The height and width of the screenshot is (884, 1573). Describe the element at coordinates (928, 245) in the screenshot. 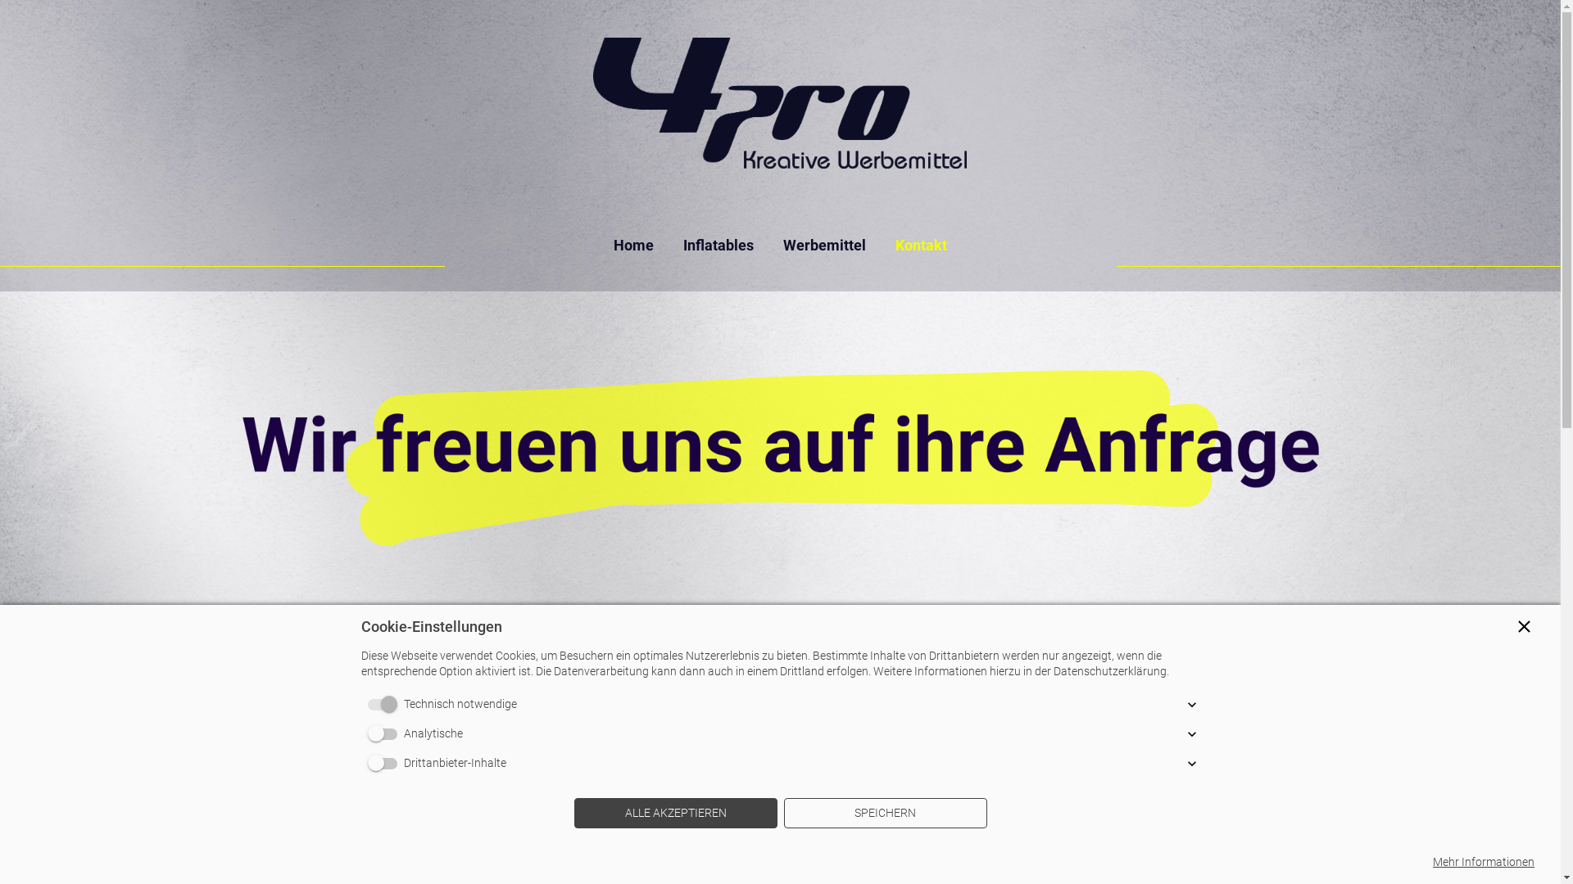

I see `'Kontakt'` at that location.